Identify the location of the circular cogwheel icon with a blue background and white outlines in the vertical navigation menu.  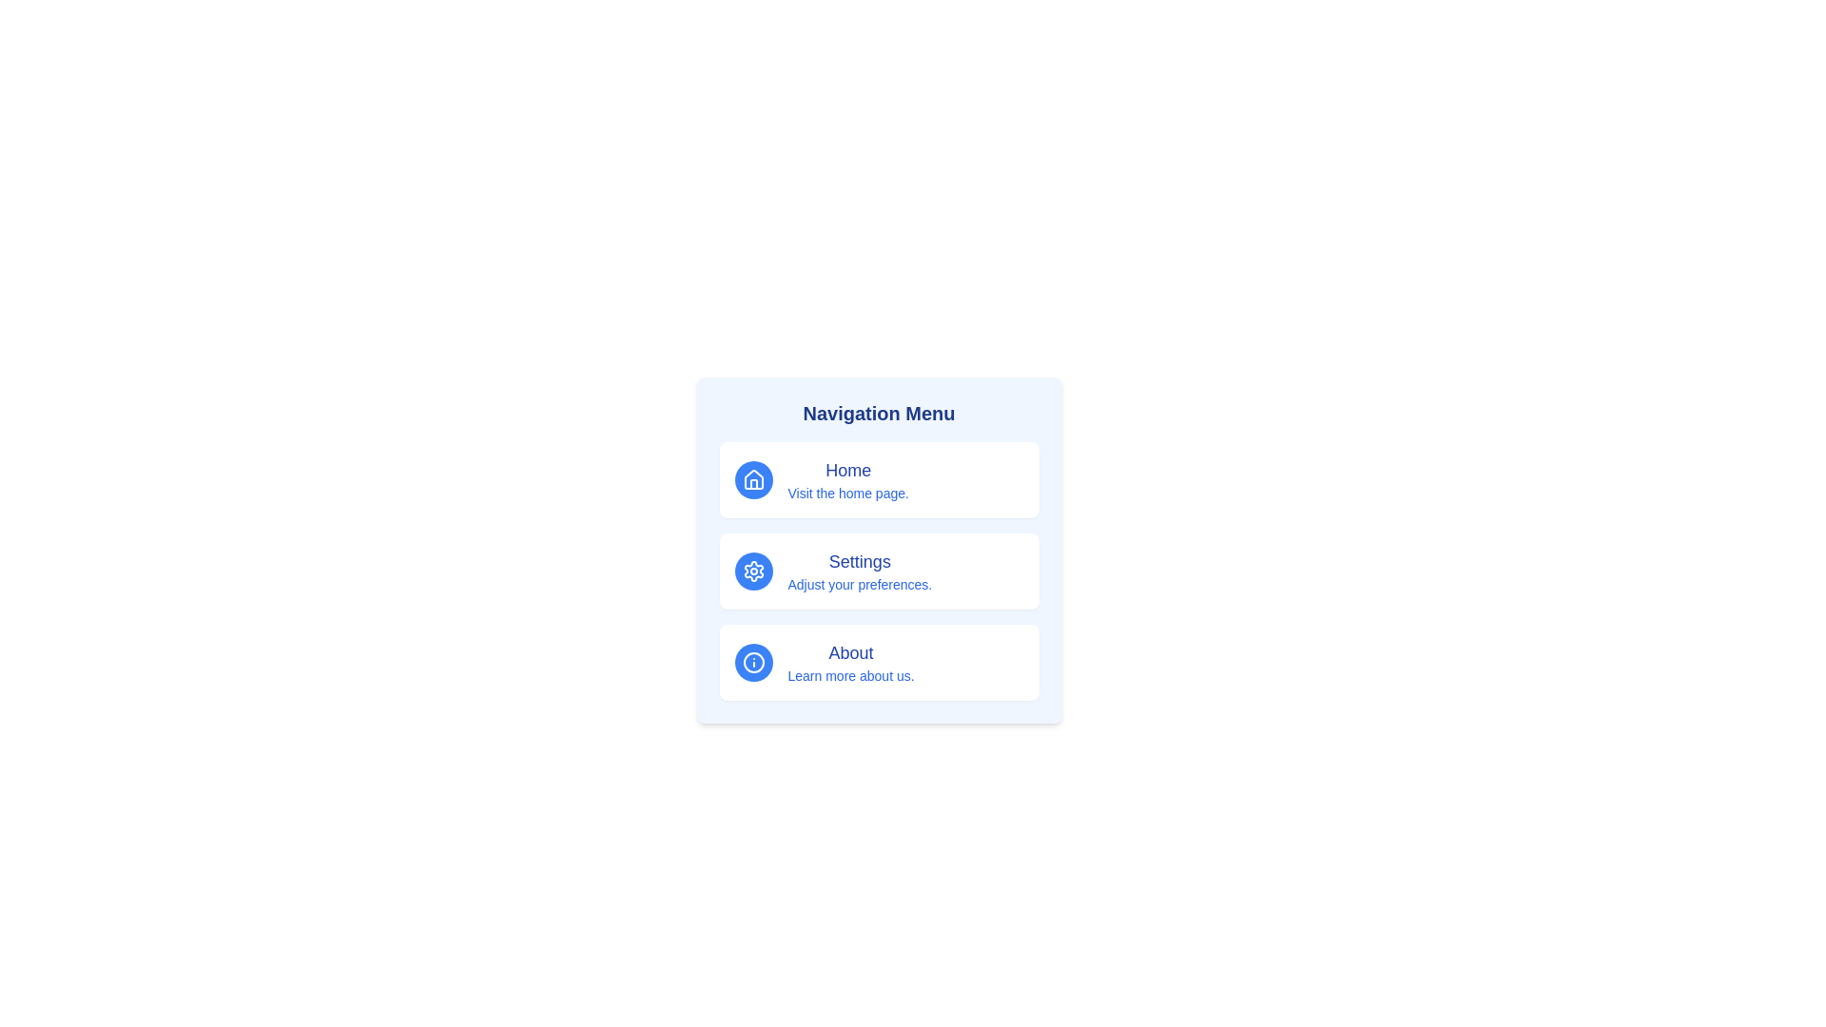
(752, 571).